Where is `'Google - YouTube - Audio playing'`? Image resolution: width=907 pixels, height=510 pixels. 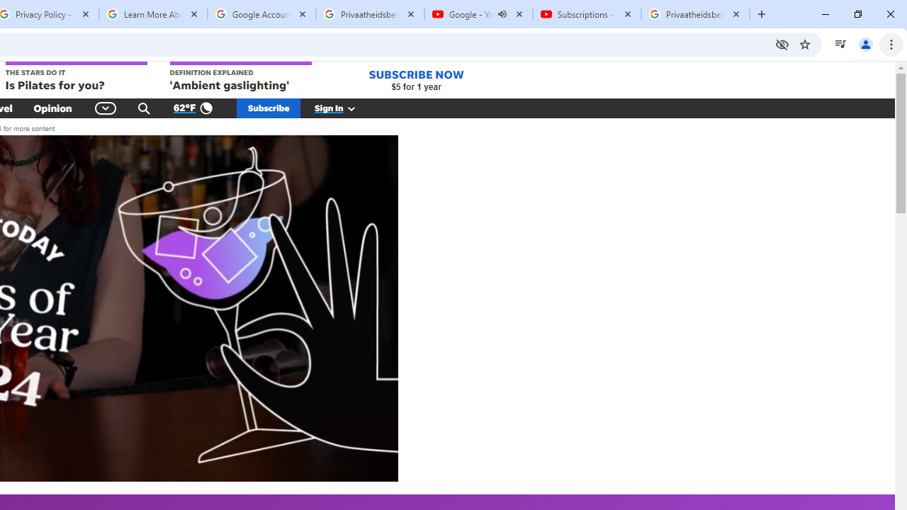 'Google - YouTube - Audio playing' is located at coordinates (478, 14).